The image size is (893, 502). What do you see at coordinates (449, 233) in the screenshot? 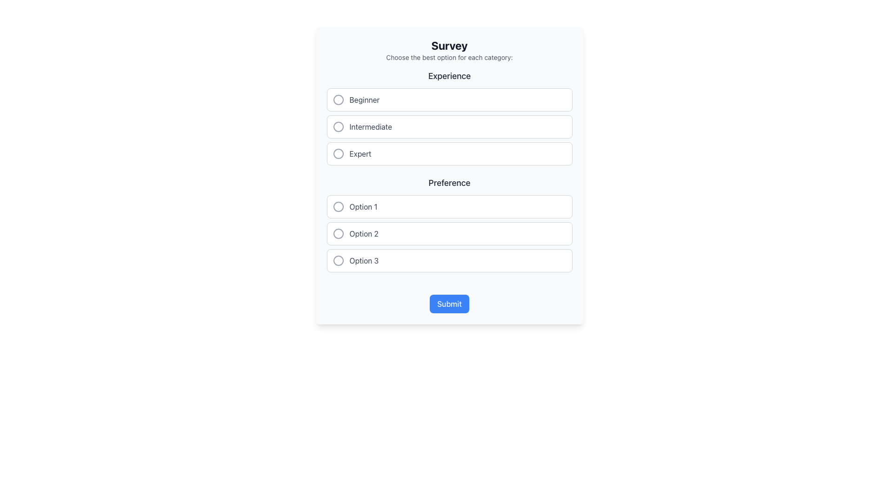
I see `the middle radio button in the 'Preference' category to indicate focus` at bounding box center [449, 233].